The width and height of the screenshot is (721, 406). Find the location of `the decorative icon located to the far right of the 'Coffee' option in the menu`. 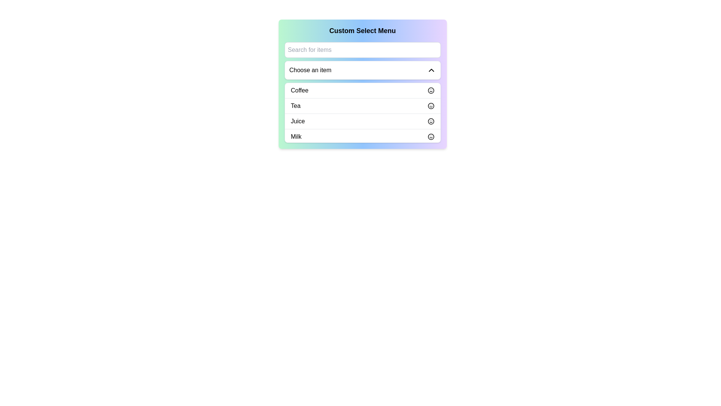

the decorative icon located to the far right of the 'Coffee' option in the menu is located at coordinates (431, 90).